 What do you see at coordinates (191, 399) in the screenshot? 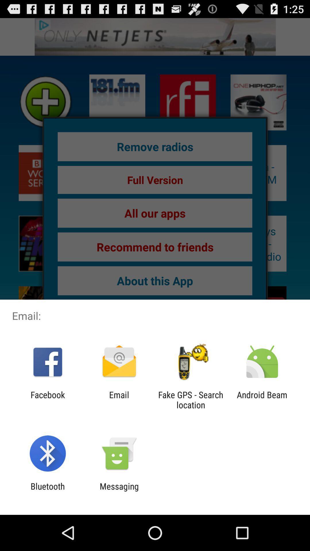
I see `the icon to the right of email` at bounding box center [191, 399].